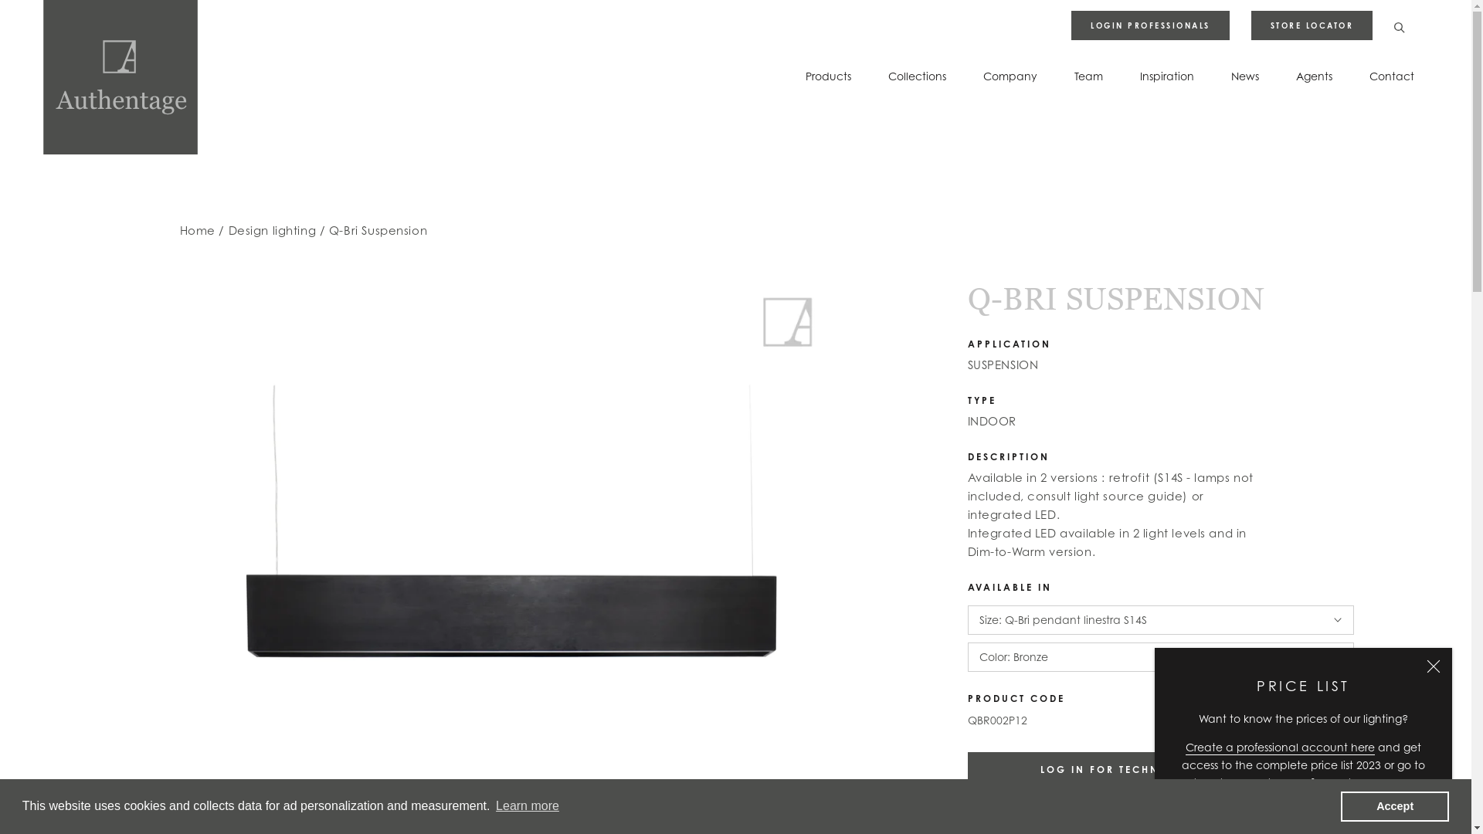 The height and width of the screenshot is (834, 1483). I want to click on 'Team, so click(1088, 76).